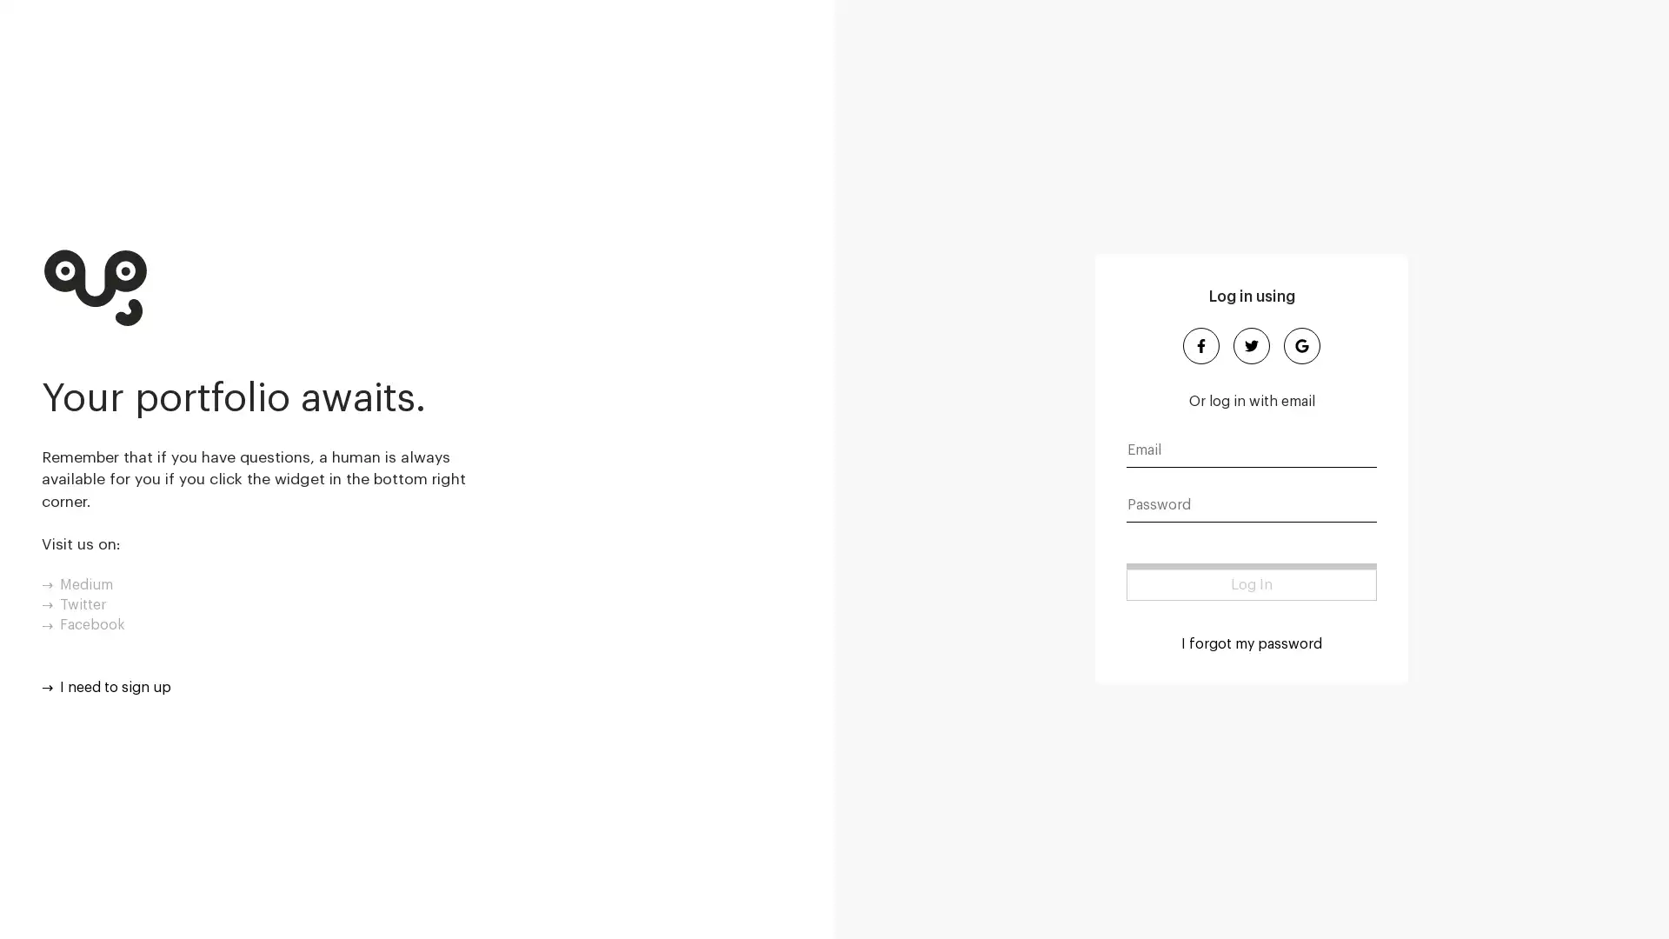 The width and height of the screenshot is (1669, 939). I want to click on Log In, so click(1252, 582).